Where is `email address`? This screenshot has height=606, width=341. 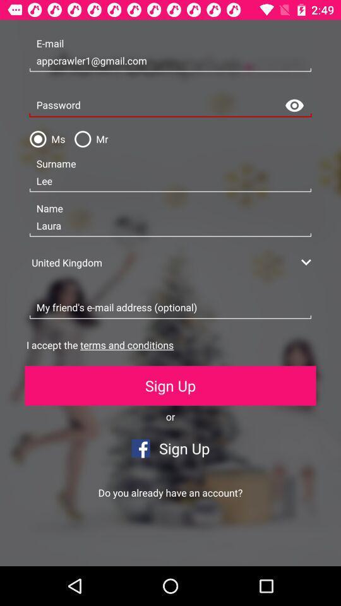
email address is located at coordinates (170, 307).